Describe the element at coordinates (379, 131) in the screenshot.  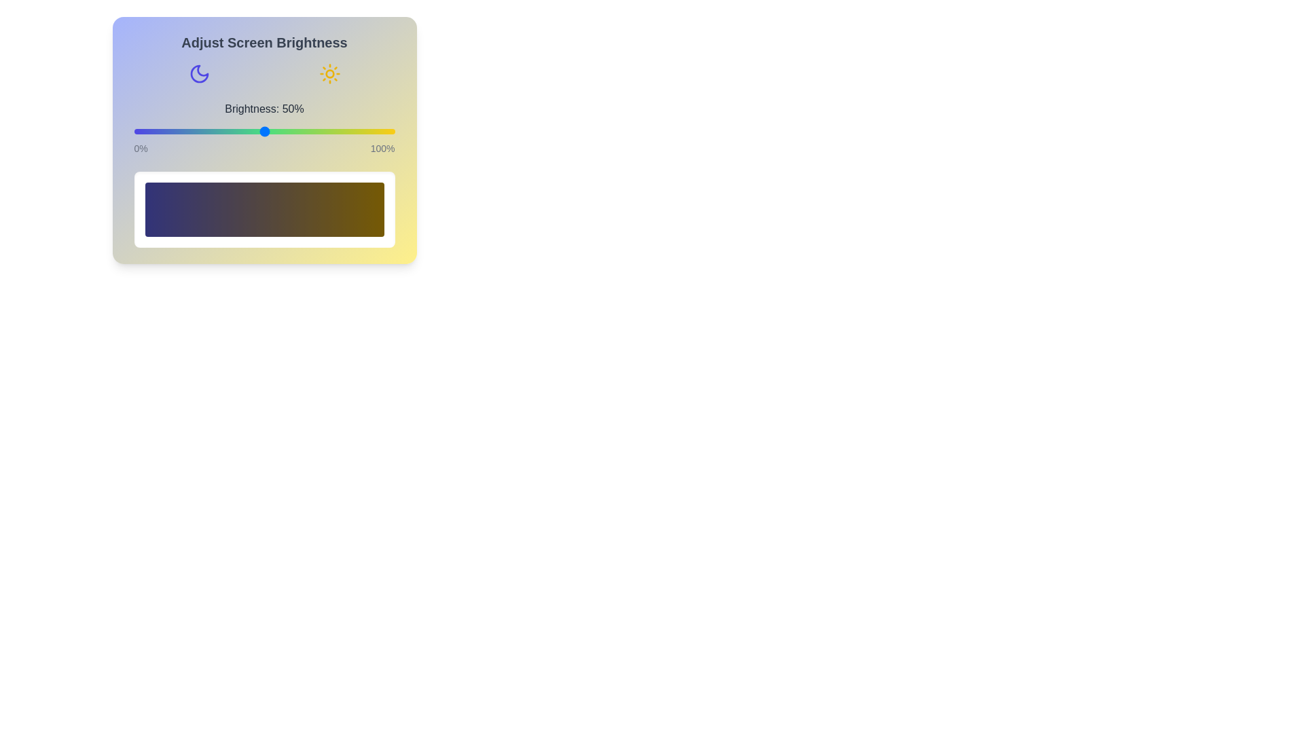
I see `the brightness to 94% using the slider` at that location.